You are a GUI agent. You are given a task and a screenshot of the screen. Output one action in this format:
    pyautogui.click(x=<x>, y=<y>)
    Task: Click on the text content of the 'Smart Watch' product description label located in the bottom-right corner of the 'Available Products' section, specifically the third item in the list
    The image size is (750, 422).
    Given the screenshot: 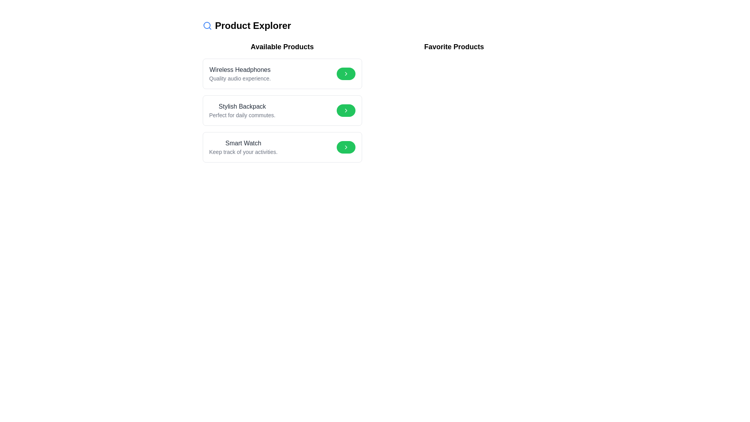 What is the action you would take?
    pyautogui.click(x=243, y=147)
    